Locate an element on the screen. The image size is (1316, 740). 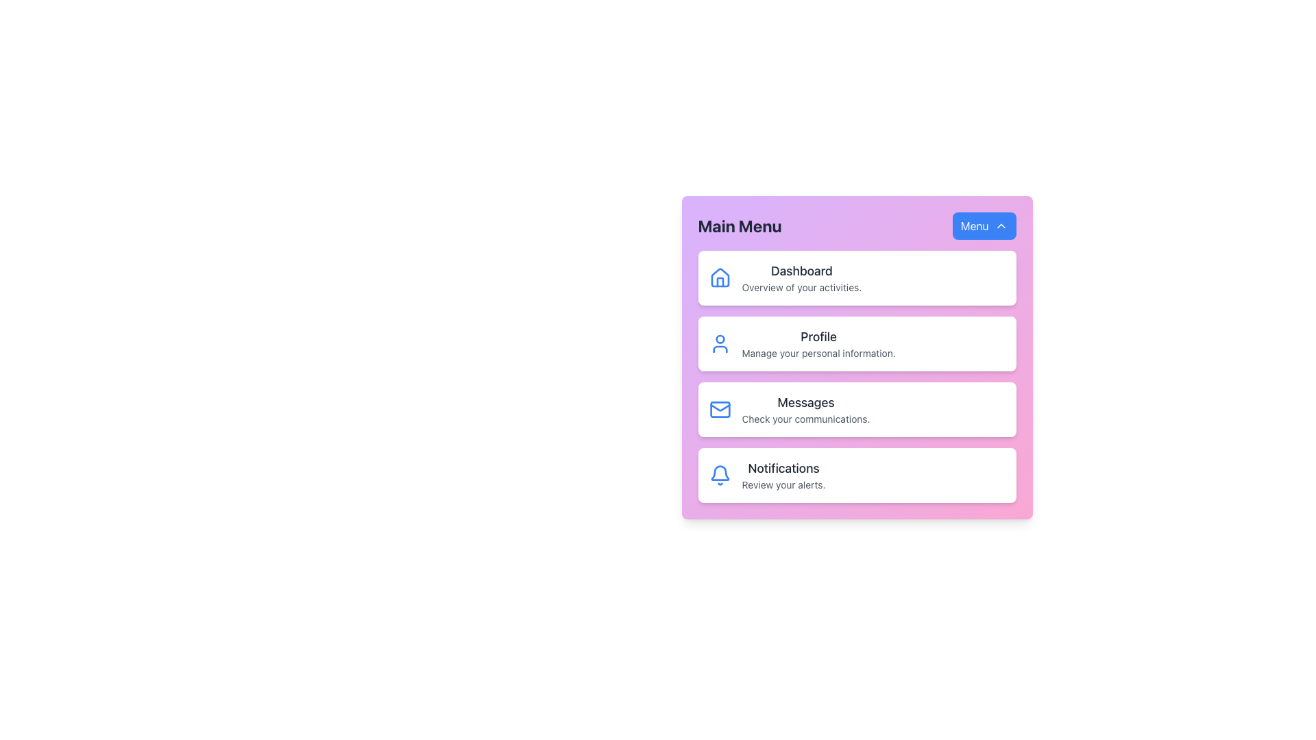
the textual informational component that informs users about the profile section of the application, which is the second item in a vertical sidebar list with a purple gradient background is located at coordinates (818, 343).